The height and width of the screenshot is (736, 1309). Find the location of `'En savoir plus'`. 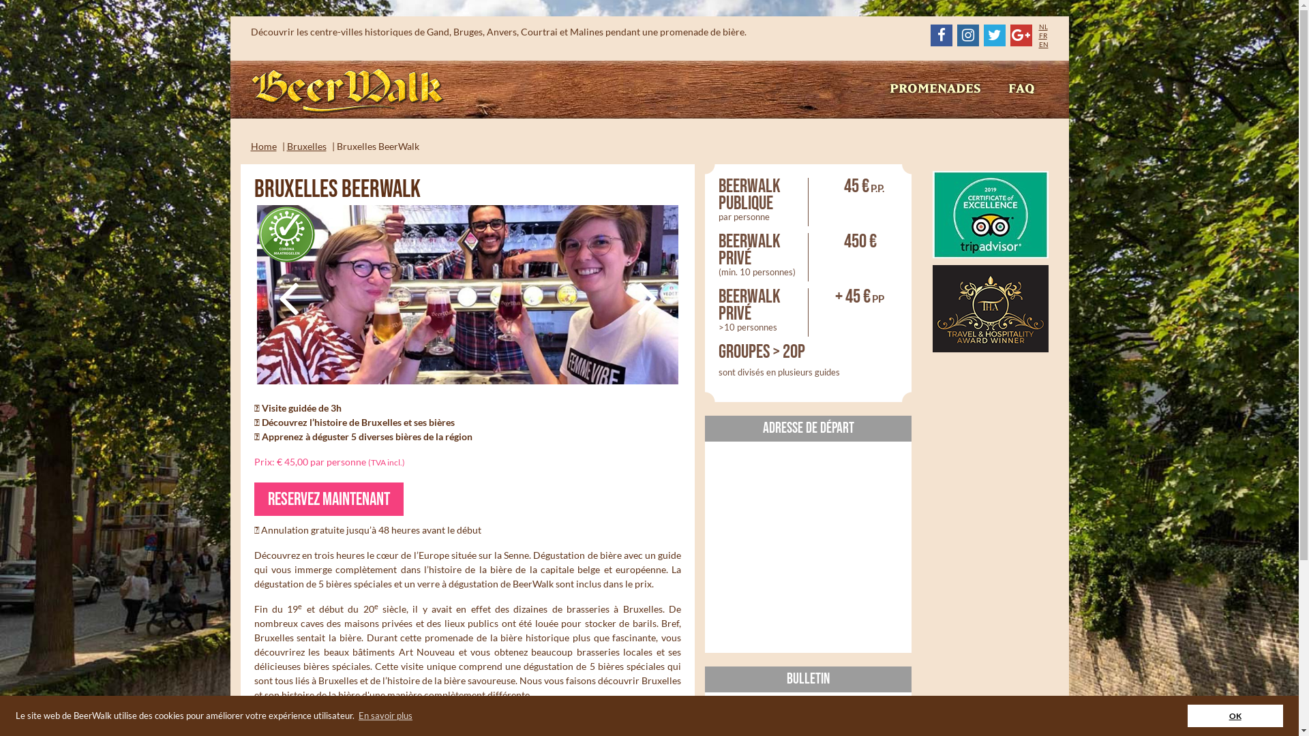

'En savoir plus' is located at coordinates (385, 715).